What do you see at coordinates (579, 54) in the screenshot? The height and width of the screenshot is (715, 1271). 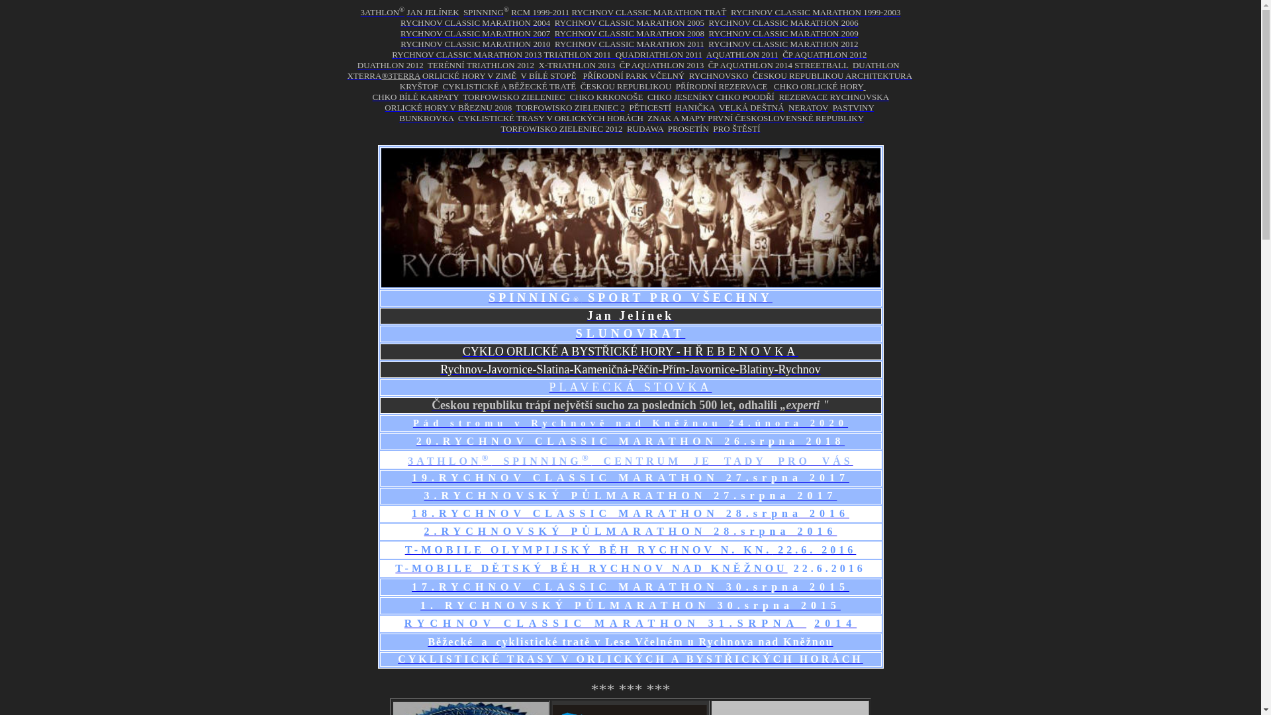 I see `'TRIATHLON 2011 '` at bounding box center [579, 54].